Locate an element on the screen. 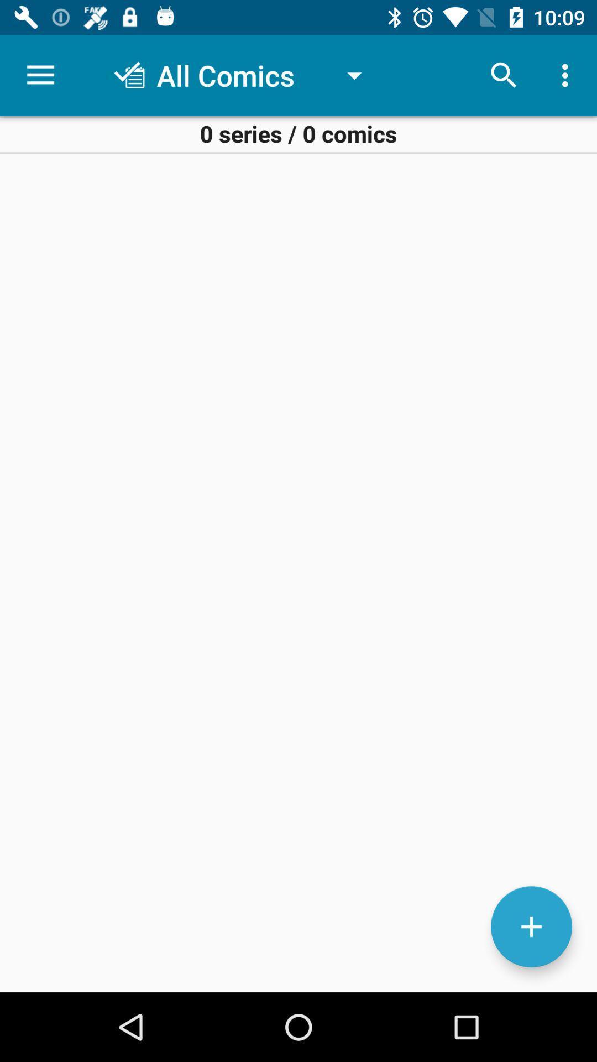 The image size is (597, 1062). upload comic is located at coordinates (531, 926).